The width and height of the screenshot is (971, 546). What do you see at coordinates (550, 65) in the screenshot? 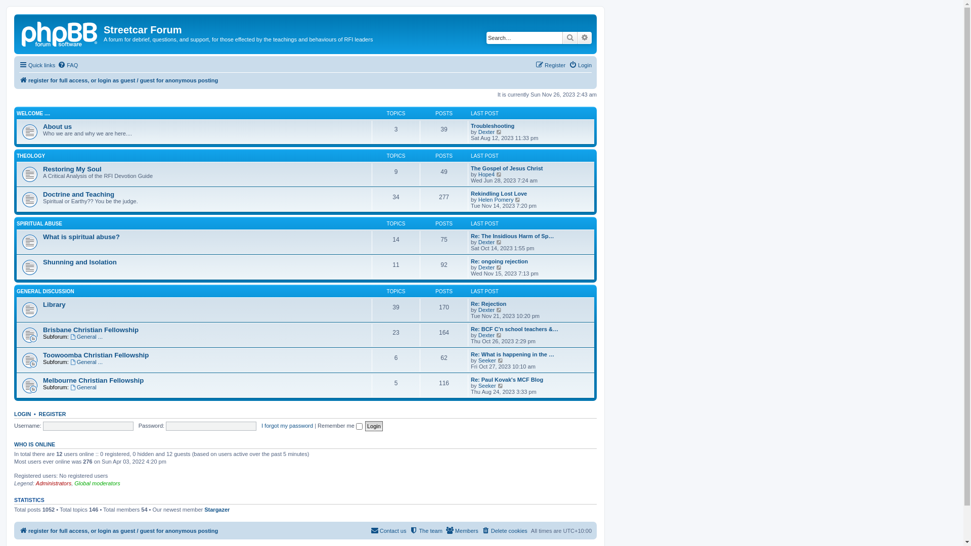
I see `'Register'` at bounding box center [550, 65].